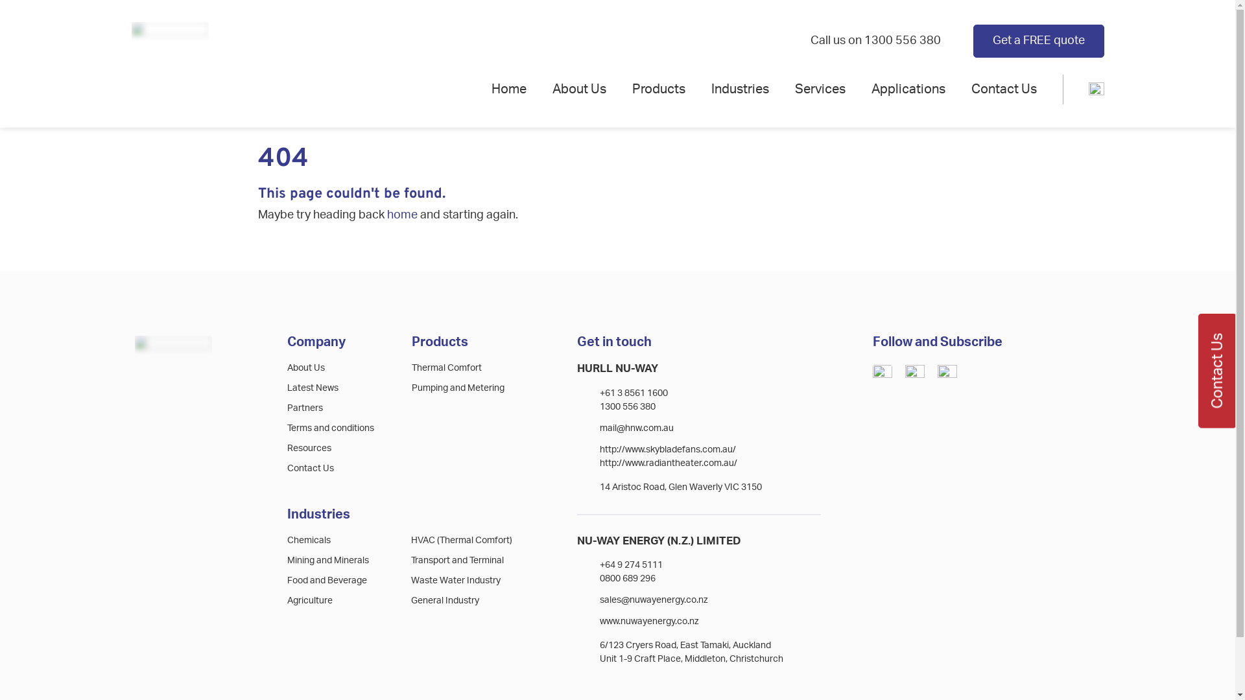  What do you see at coordinates (447, 367) in the screenshot?
I see `'Thermal Comfort'` at bounding box center [447, 367].